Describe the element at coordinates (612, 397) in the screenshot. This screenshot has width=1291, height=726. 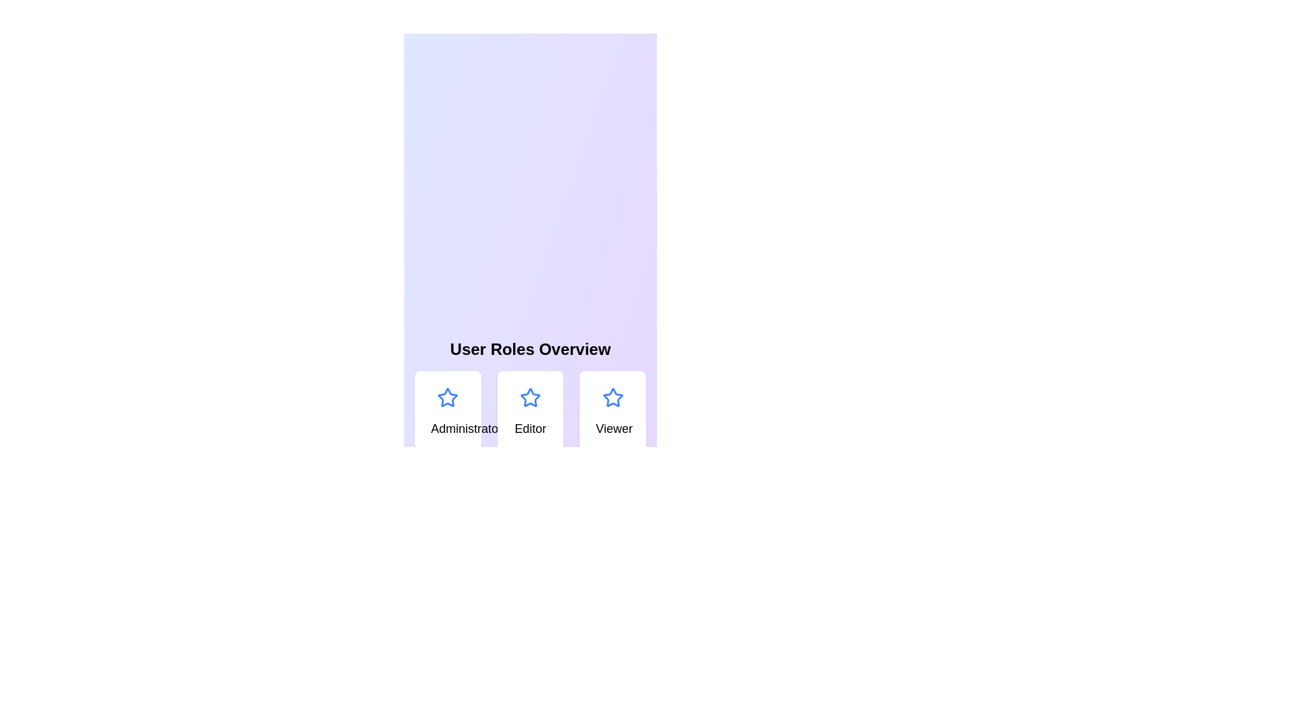
I see `the blue outlined star icon with a white background, which is the leftmost visual component in the Viewer card at the bottom of the layout` at that location.